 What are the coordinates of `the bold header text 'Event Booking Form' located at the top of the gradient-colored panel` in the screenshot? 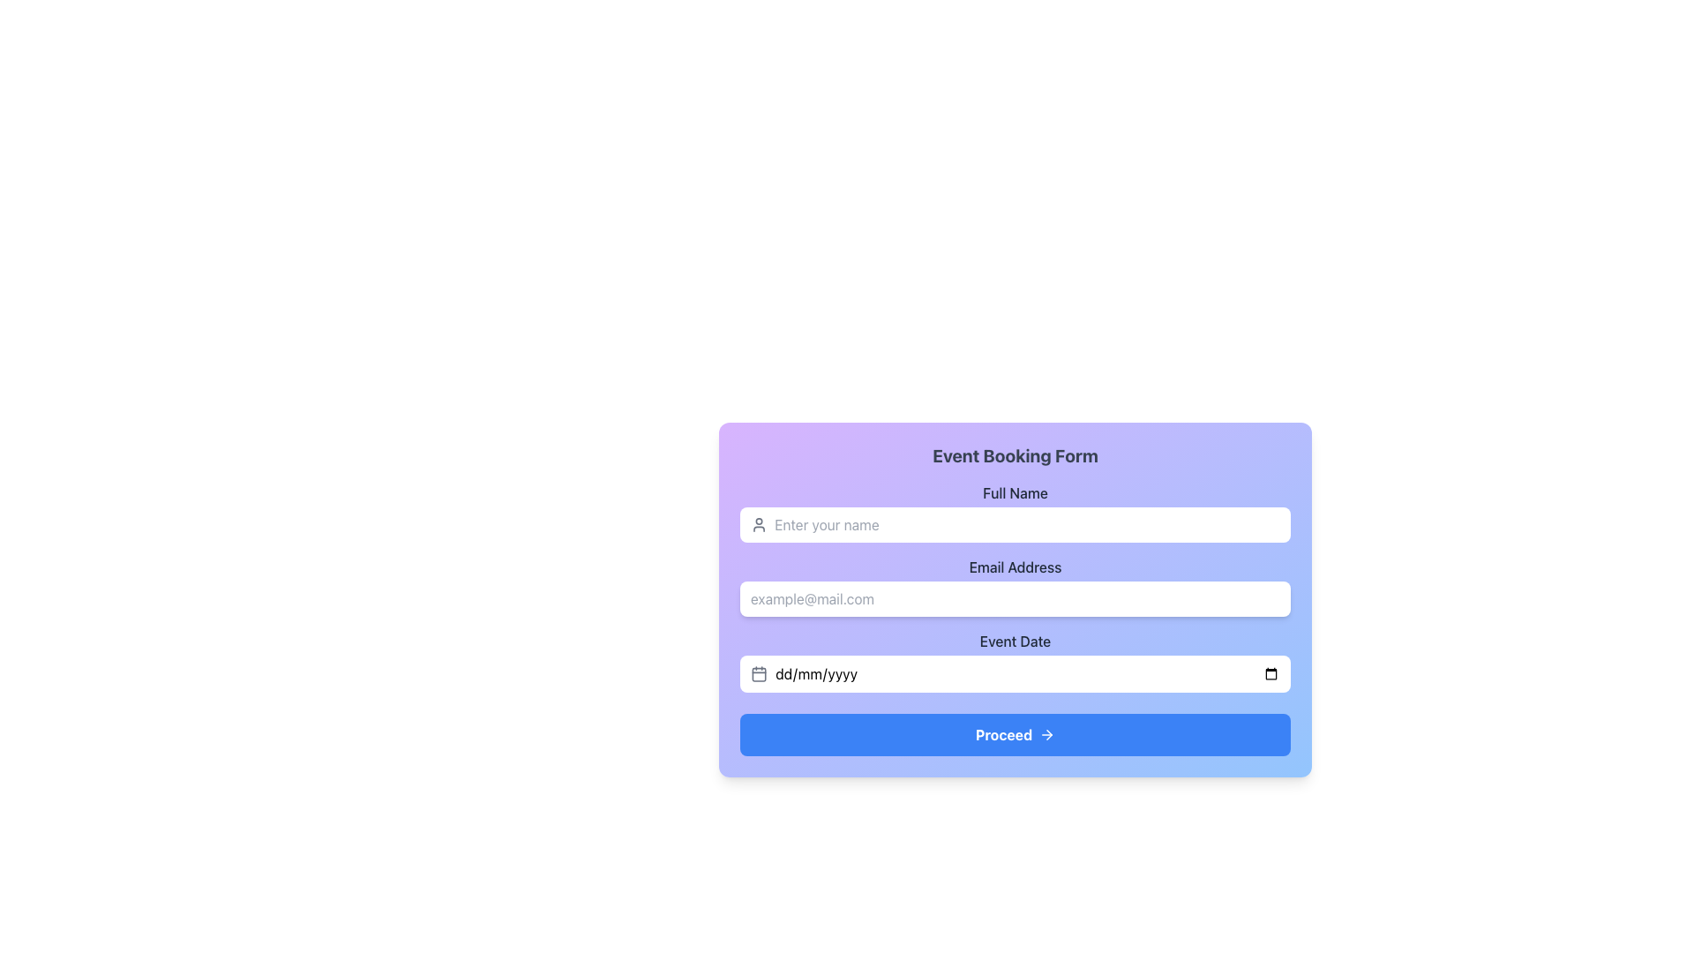 It's located at (1016, 454).